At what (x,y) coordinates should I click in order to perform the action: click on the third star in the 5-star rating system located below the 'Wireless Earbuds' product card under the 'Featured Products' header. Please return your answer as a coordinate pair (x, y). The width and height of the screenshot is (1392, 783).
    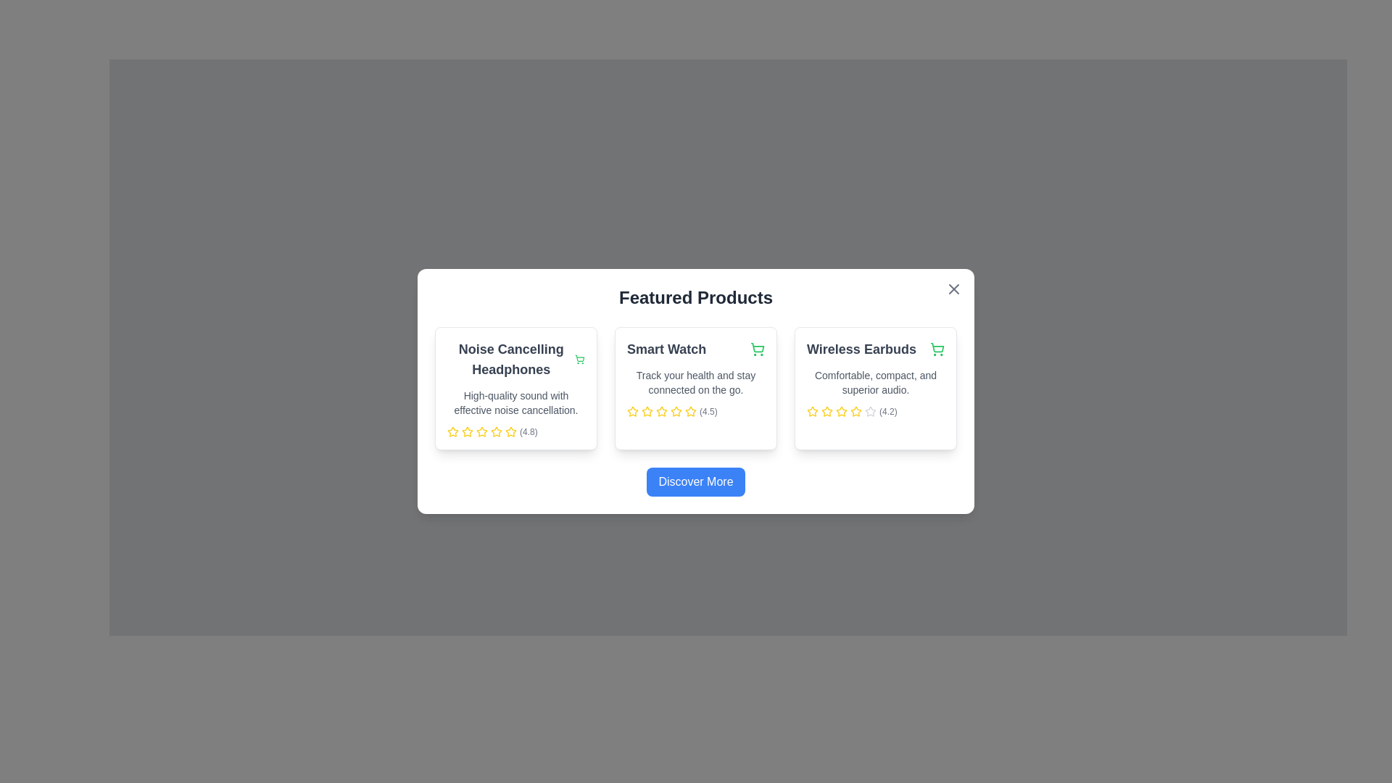
    Looking at the image, I should click on (827, 411).